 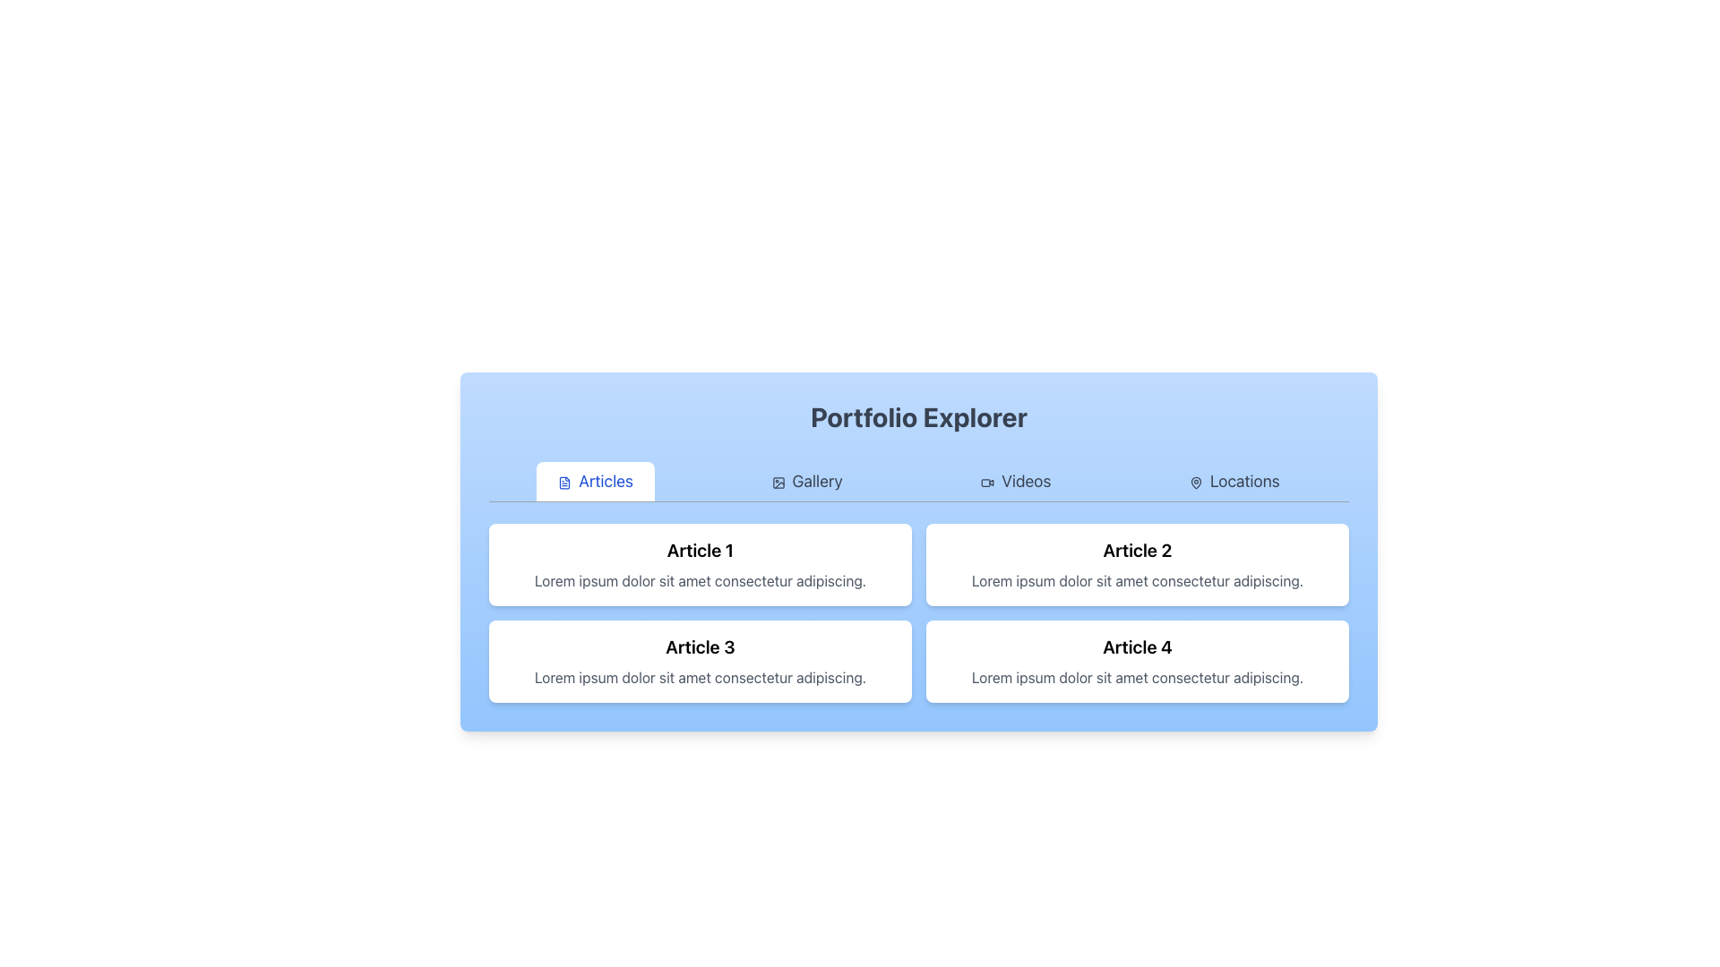 I want to click on the appearance of the 'Videos' tab icon located in the top navigation bar, which indicates video-related content, so click(x=986, y=482).